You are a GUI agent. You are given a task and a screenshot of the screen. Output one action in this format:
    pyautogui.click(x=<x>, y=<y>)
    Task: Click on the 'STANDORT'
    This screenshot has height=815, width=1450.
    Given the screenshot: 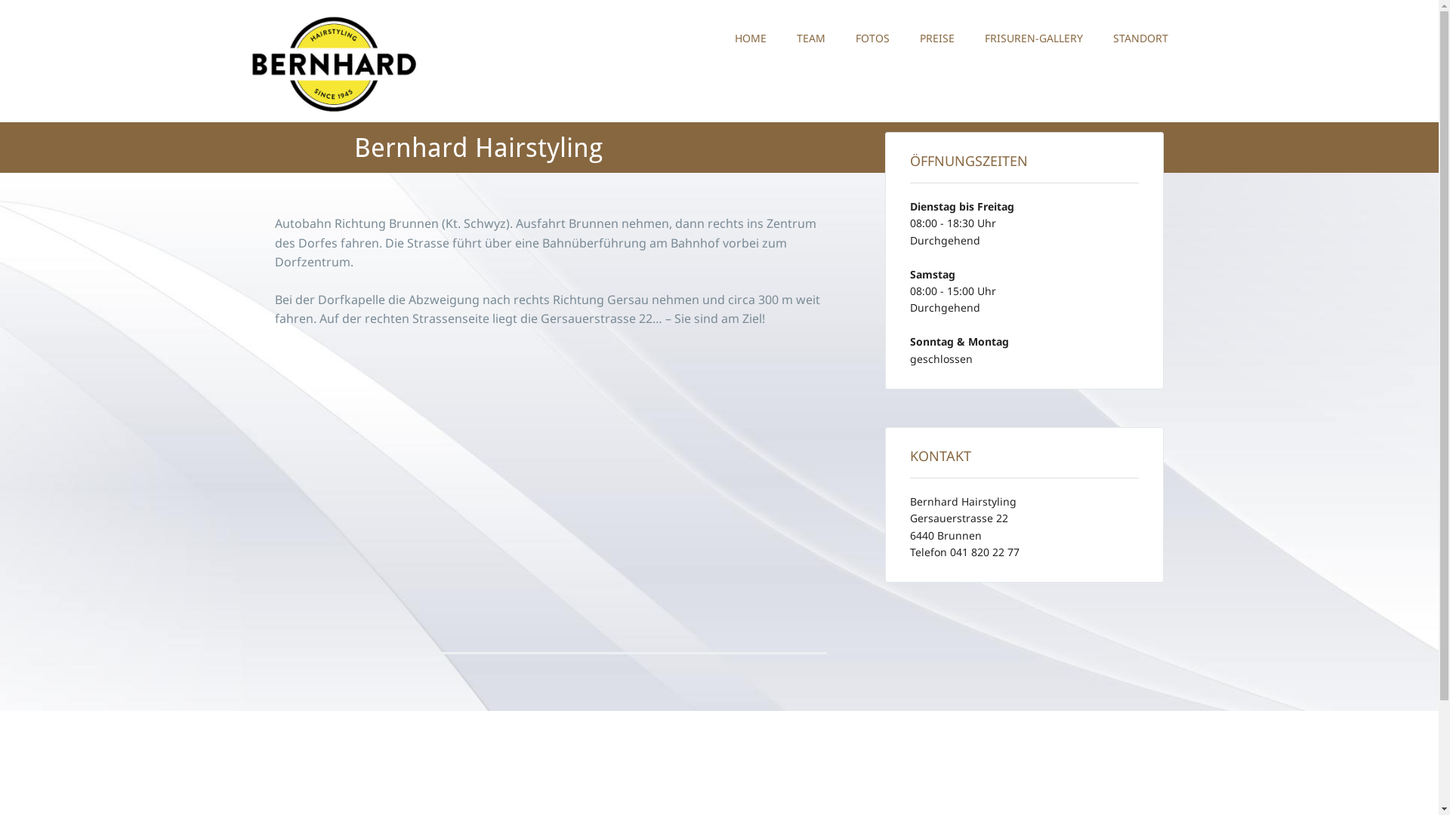 What is the action you would take?
    pyautogui.click(x=1140, y=37)
    